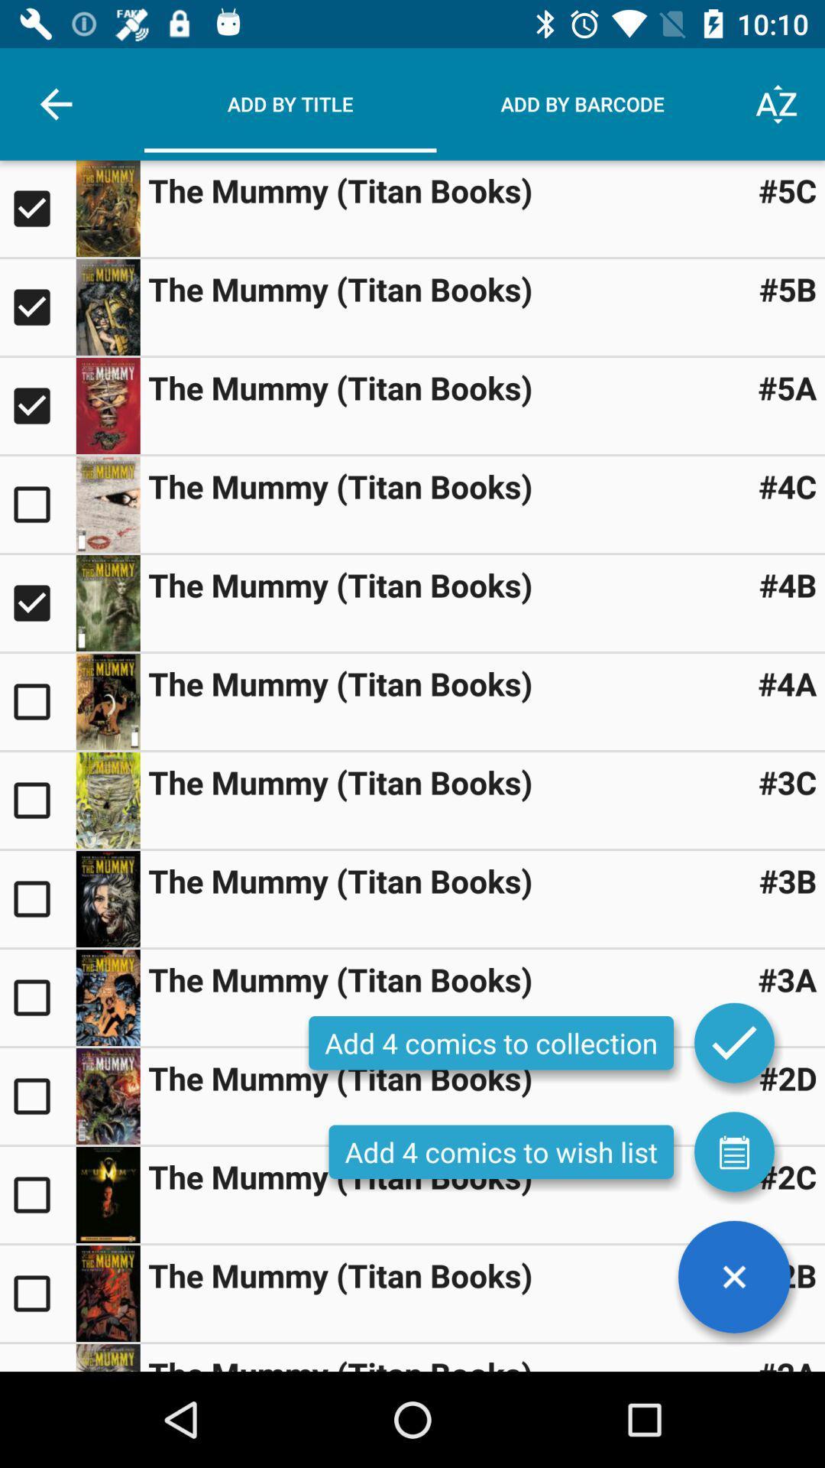 This screenshot has height=1468, width=825. What do you see at coordinates (37, 307) in the screenshot?
I see `deselect selected content` at bounding box center [37, 307].